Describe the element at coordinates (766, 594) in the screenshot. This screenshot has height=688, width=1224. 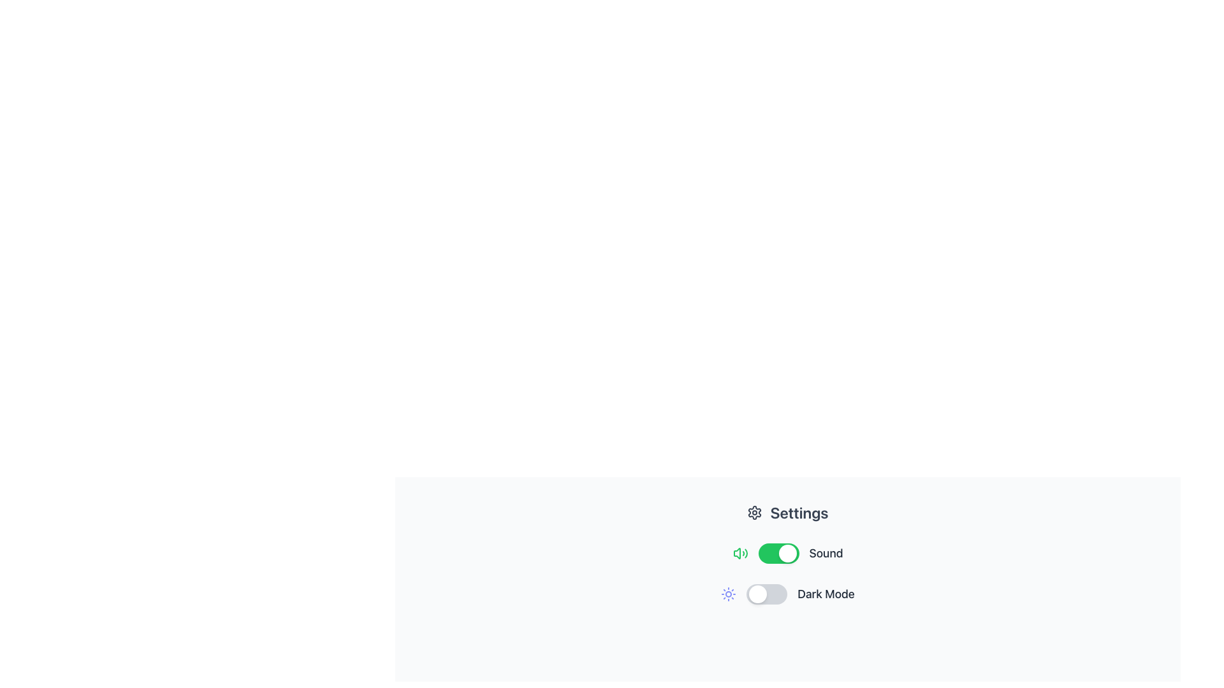
I see `the interactive toggle switch for 'Dark Mode'` at that location.